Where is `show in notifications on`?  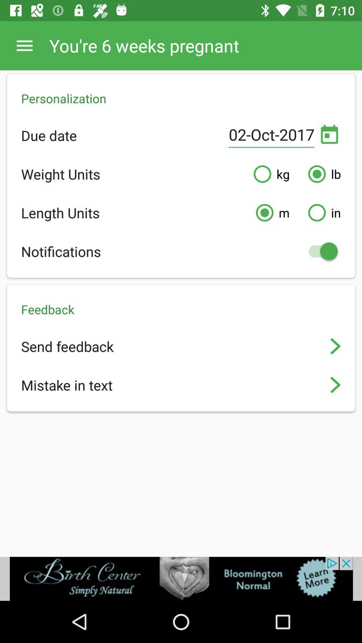 show in notifications on is located at coordinates (319, 251).